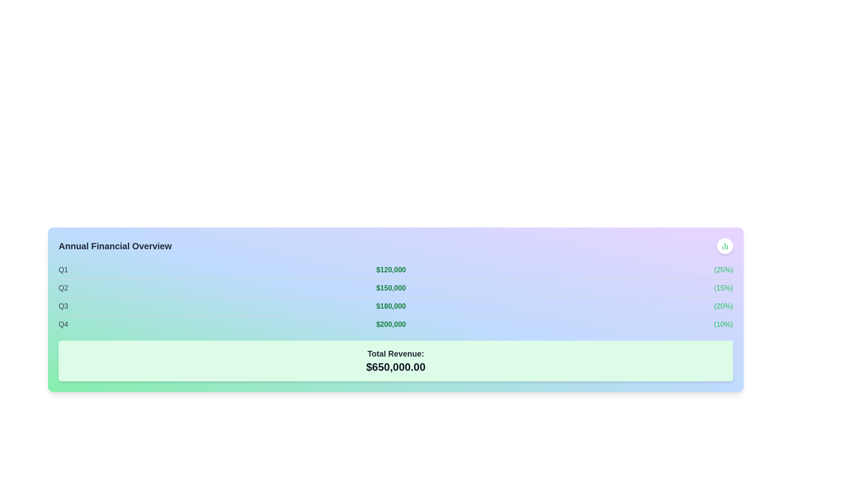 Image resolution: width=853 pixels, height=479 pixels. I want to click on the fourth quarter financial data element in the 'Annual Financial Overview' section, which displays the total amount and its percentage contribution, so click(395, 324).